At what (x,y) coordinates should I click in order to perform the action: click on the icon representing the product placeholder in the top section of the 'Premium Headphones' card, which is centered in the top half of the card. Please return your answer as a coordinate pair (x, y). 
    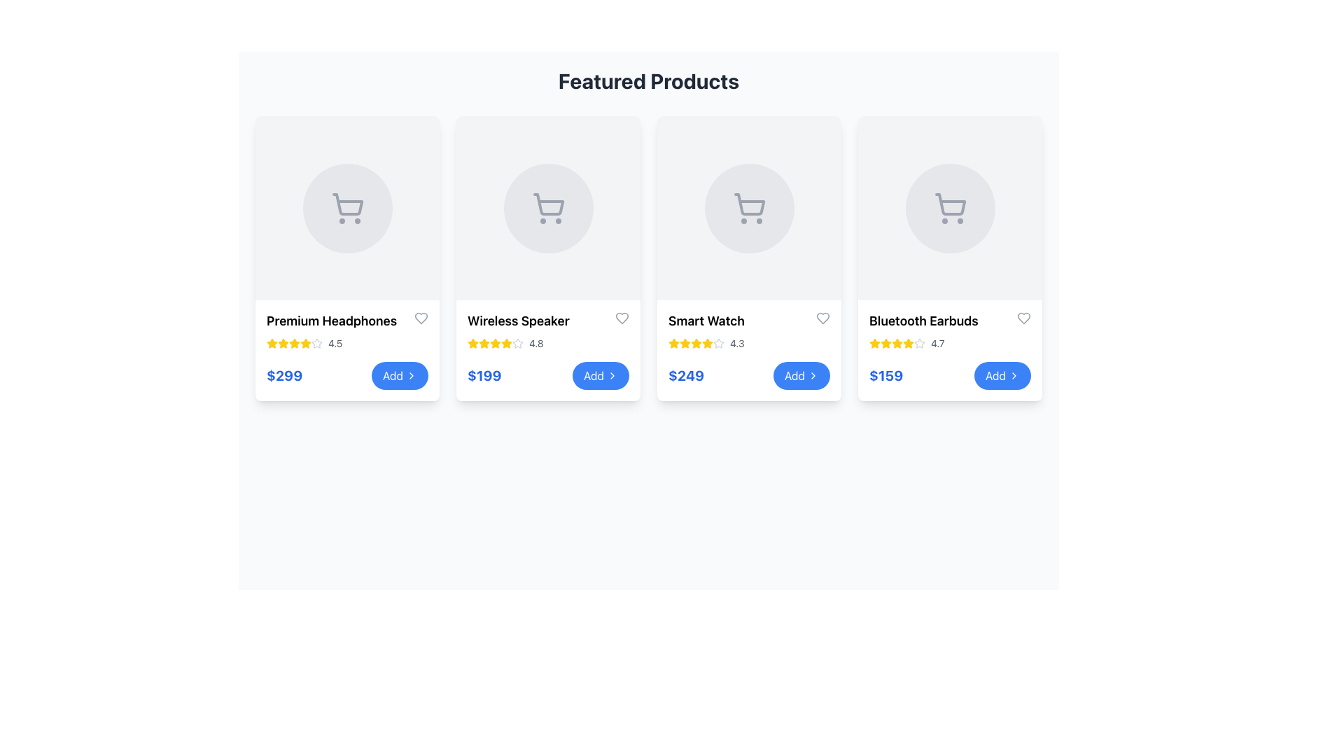
    Looking at the image, I should click on (347, 208).